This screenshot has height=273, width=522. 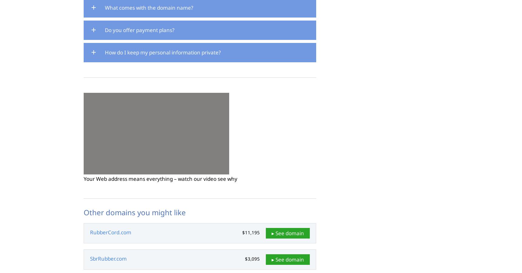 I want to click on '$3,095', so click(x=244, y=259).